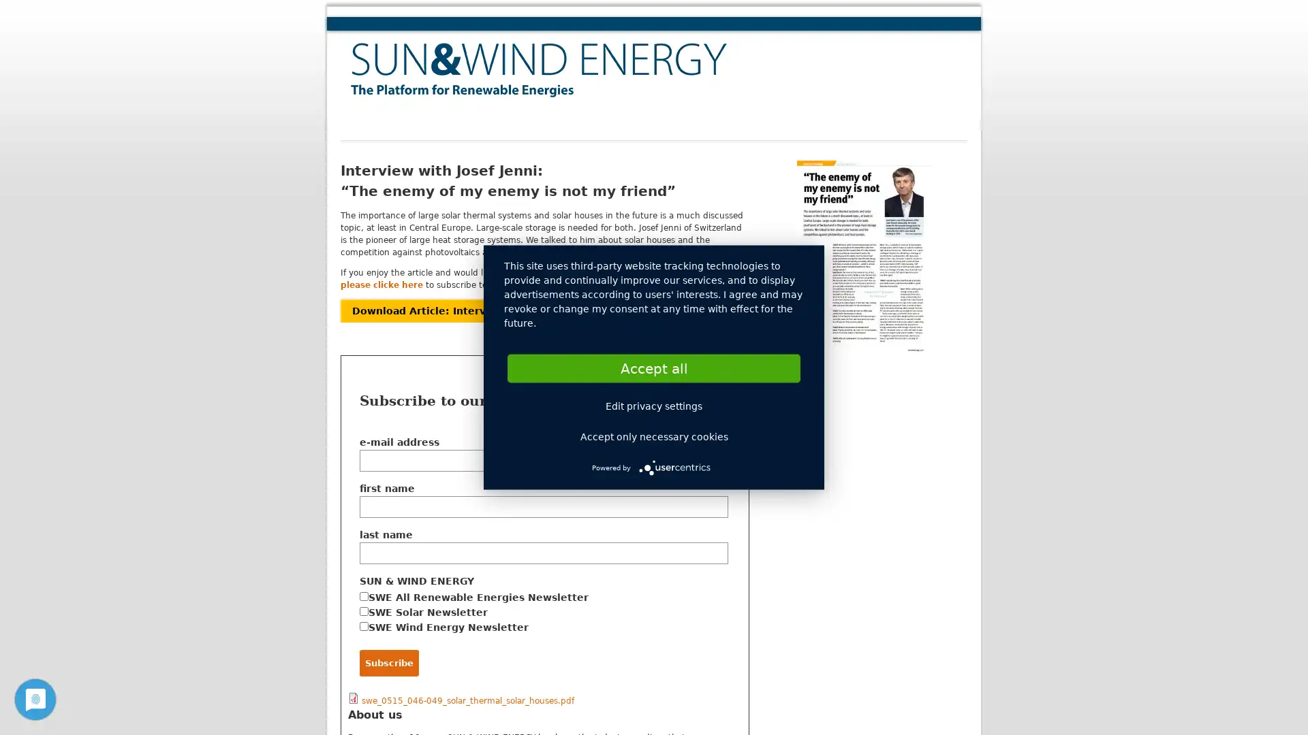 The height and width of the screenshot is (735, 1308). Describe the element at coordinates (388, 661) in the screenshot. I see `Subscribe` at that location.